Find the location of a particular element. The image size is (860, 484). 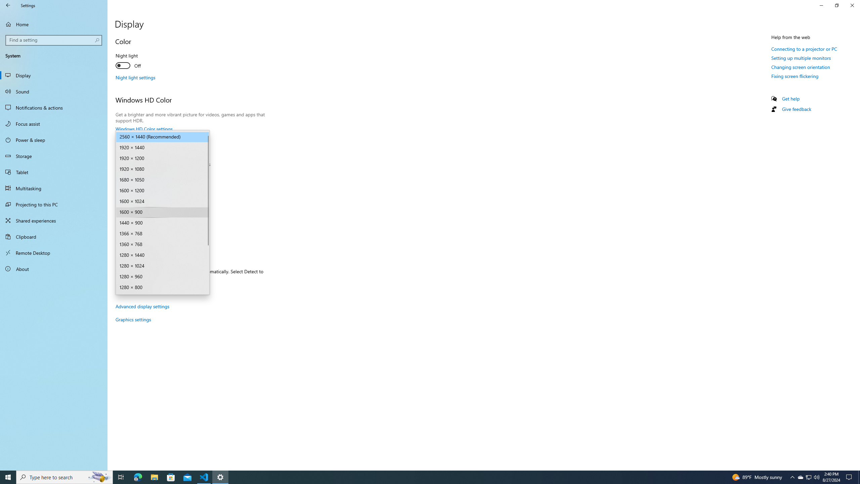

'Shared experiences' is located at coordinates (53, 220).